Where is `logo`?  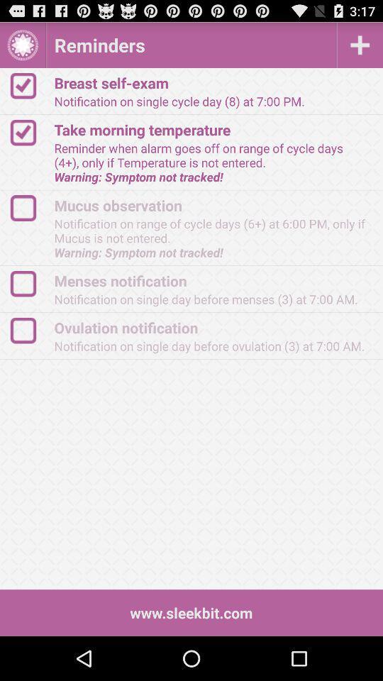
logo is located at coordinates (30, 331).